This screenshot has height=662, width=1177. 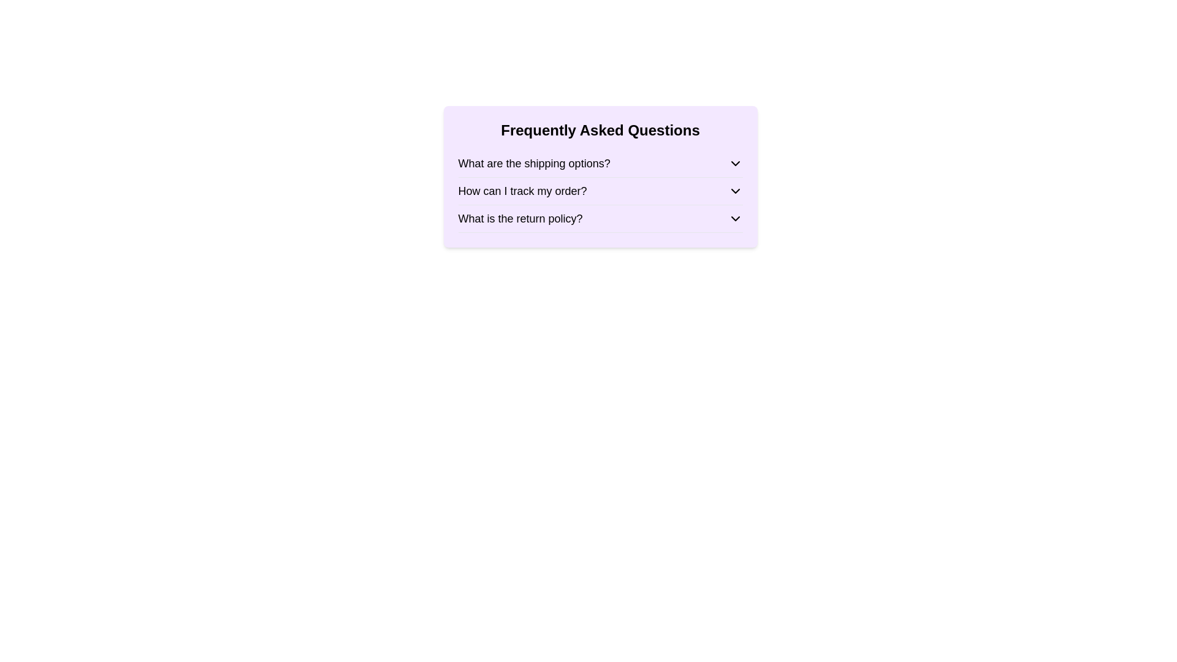 What do you see at coordinates (735, 162) in the screenshot?
I see `the downward-pointing chevron indicator icon located on the far-right side of the row labeled 'What are the shipping options?'` at bounding box center [735, 162].